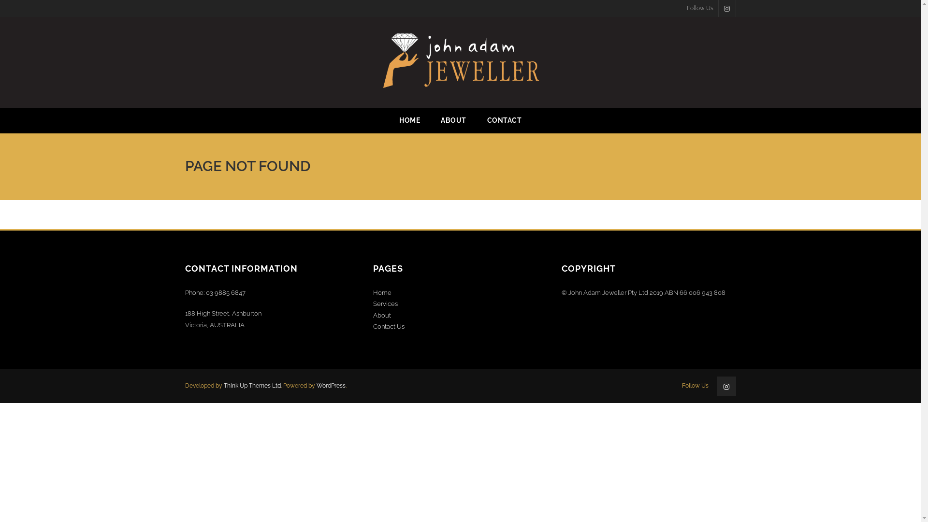  What do you see at coordinates (381, 315) in the screenshot?
I see `'About'` at bounding box center [381, 315].